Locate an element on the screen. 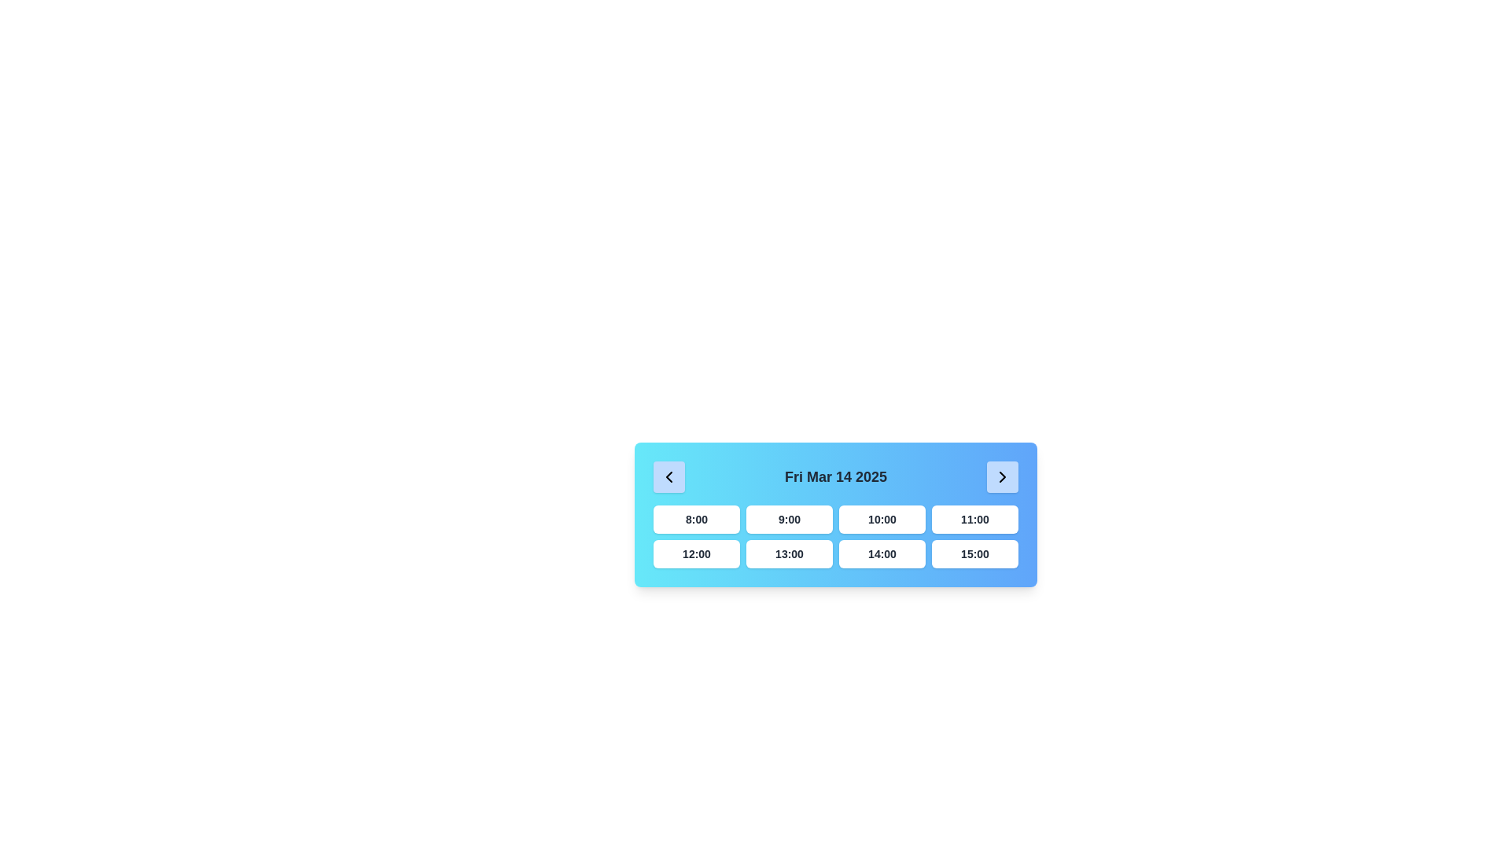  the light blue button with a right-pointing chevron icon located in the upper-right corner of the date and time grid is located at coordinates (1002, 476).